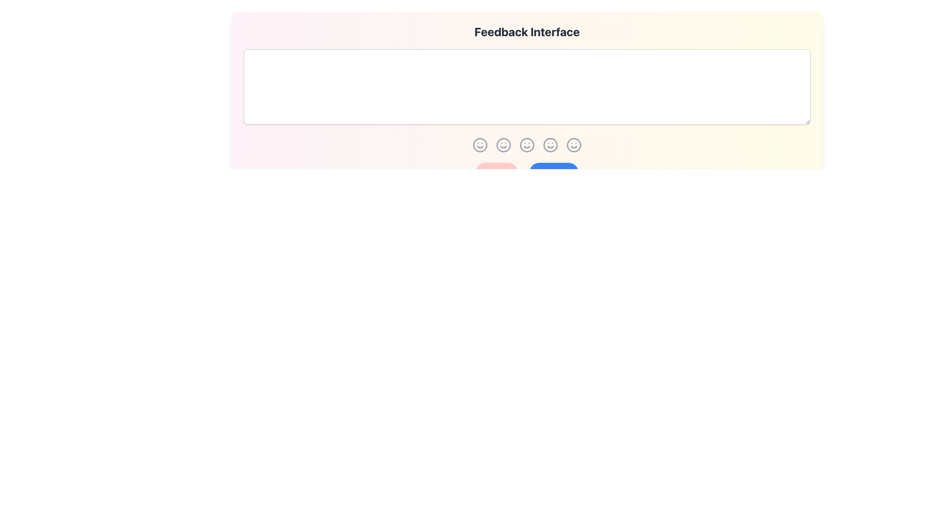 This screenshot has width=938, height=528. Describe the element at coordinates (527, 145) in the screenshot. I see `the middle smiley icon in the horizontal layout of five icons in the 'Feedback Interface' area` at that location.